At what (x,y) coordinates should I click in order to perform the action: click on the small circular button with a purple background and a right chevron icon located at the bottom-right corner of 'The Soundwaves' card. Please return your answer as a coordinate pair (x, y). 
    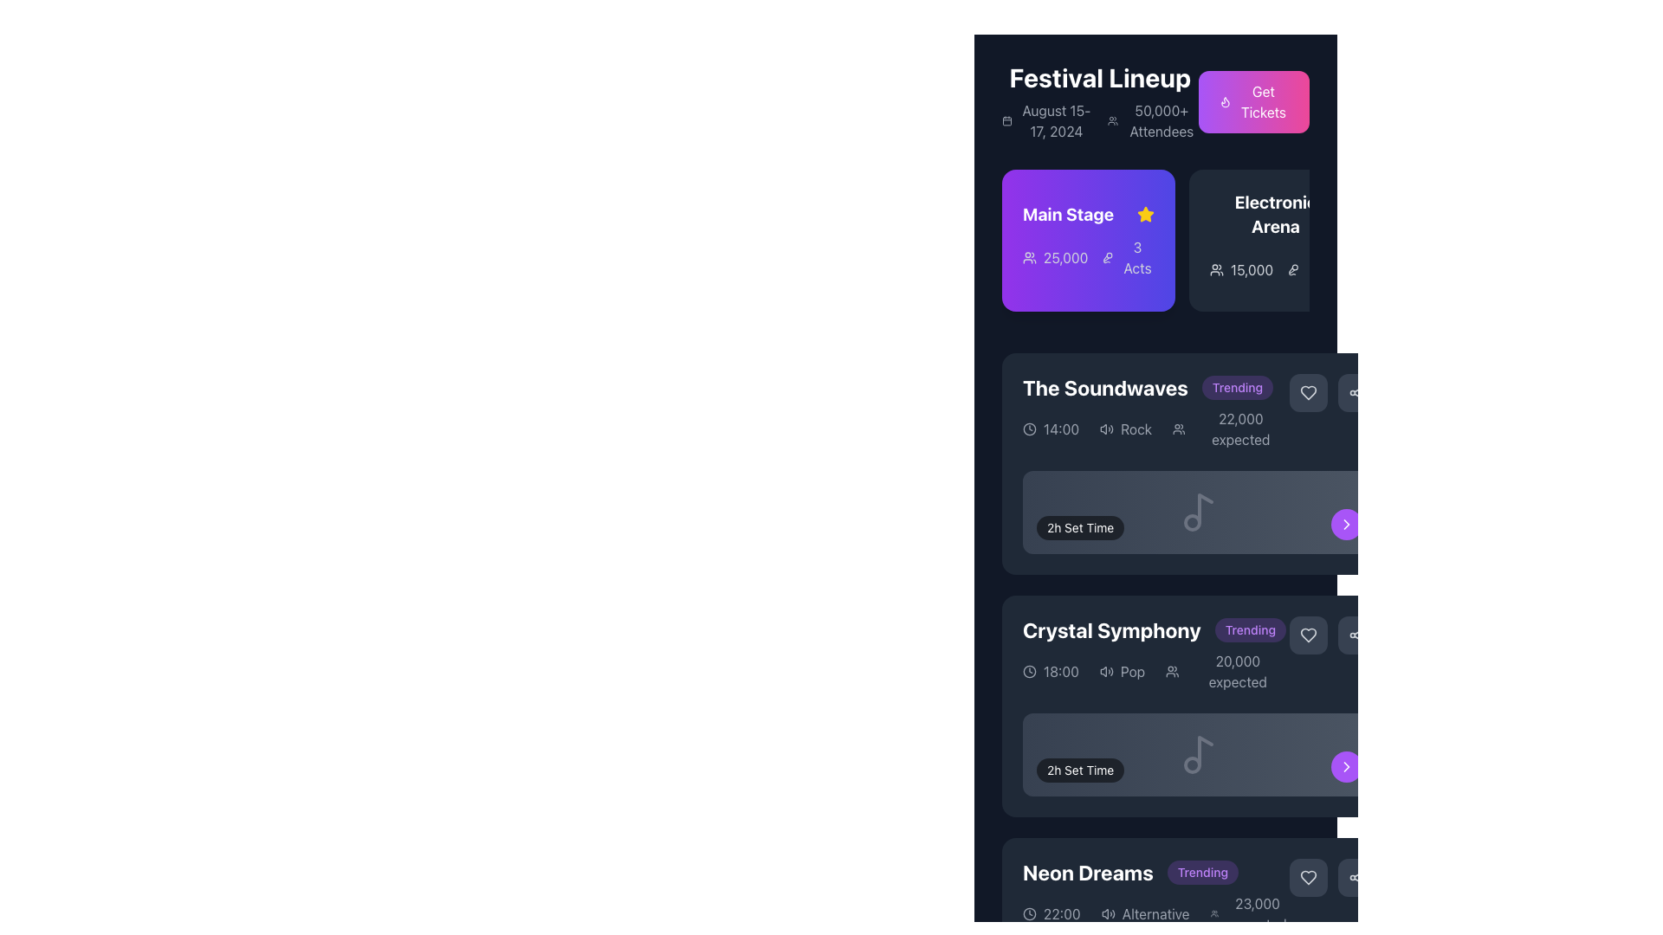
    Looking at the image, I should click on (1346, 523).